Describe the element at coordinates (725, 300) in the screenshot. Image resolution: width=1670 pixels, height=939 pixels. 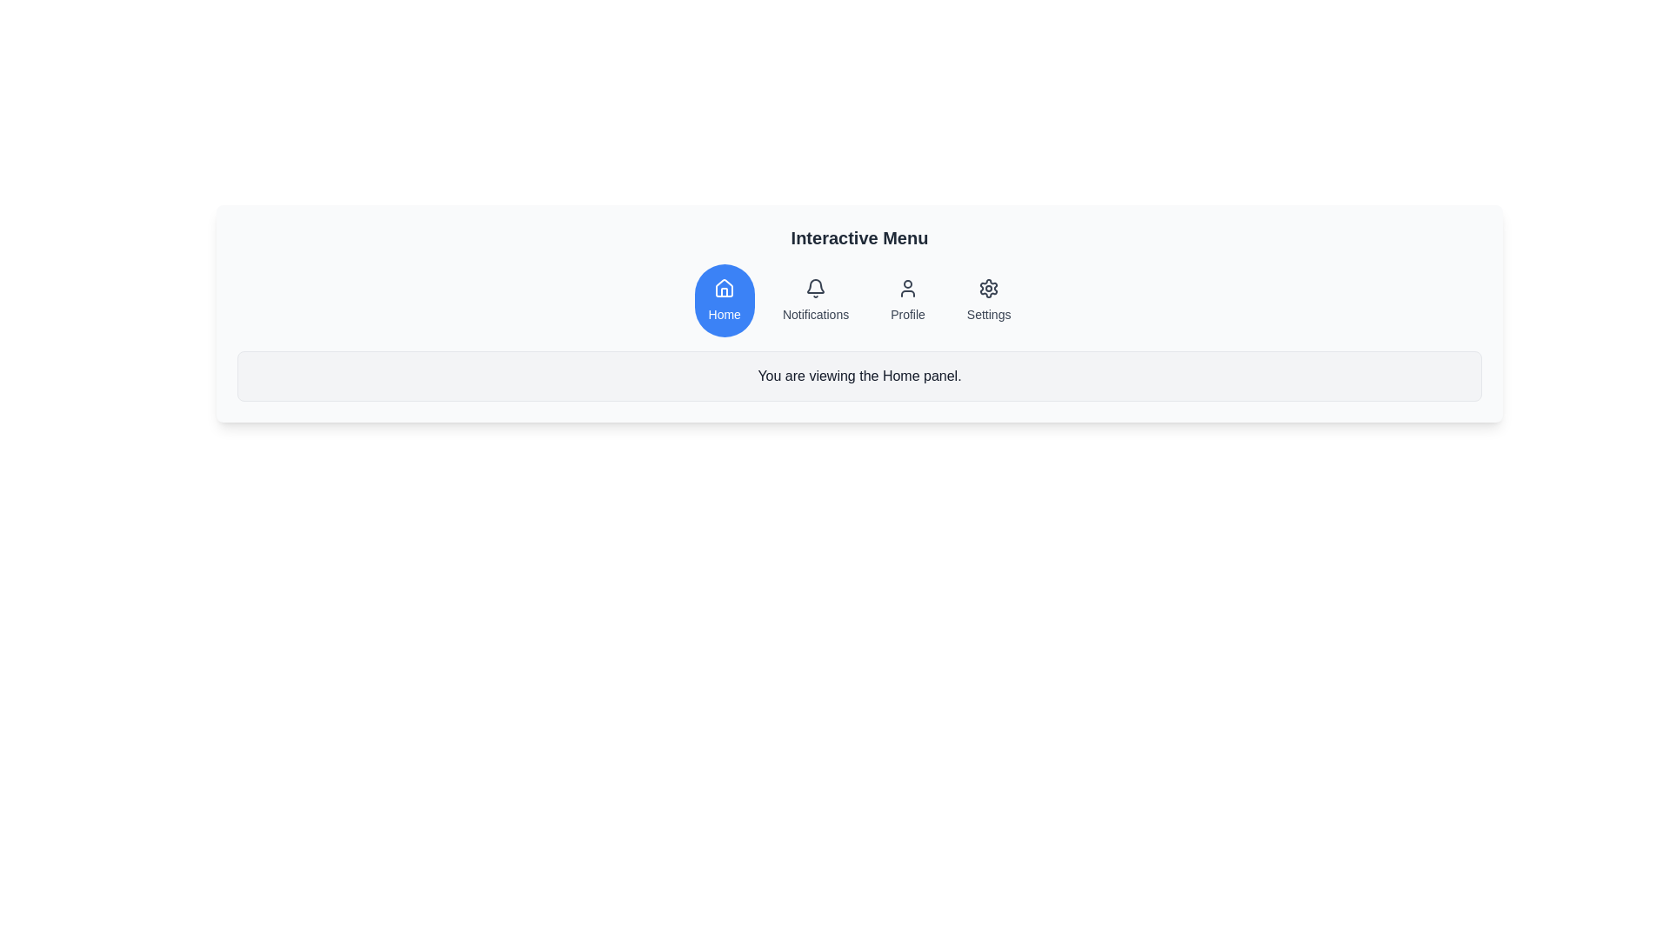
I see `the leftmost navigation button` at that location.